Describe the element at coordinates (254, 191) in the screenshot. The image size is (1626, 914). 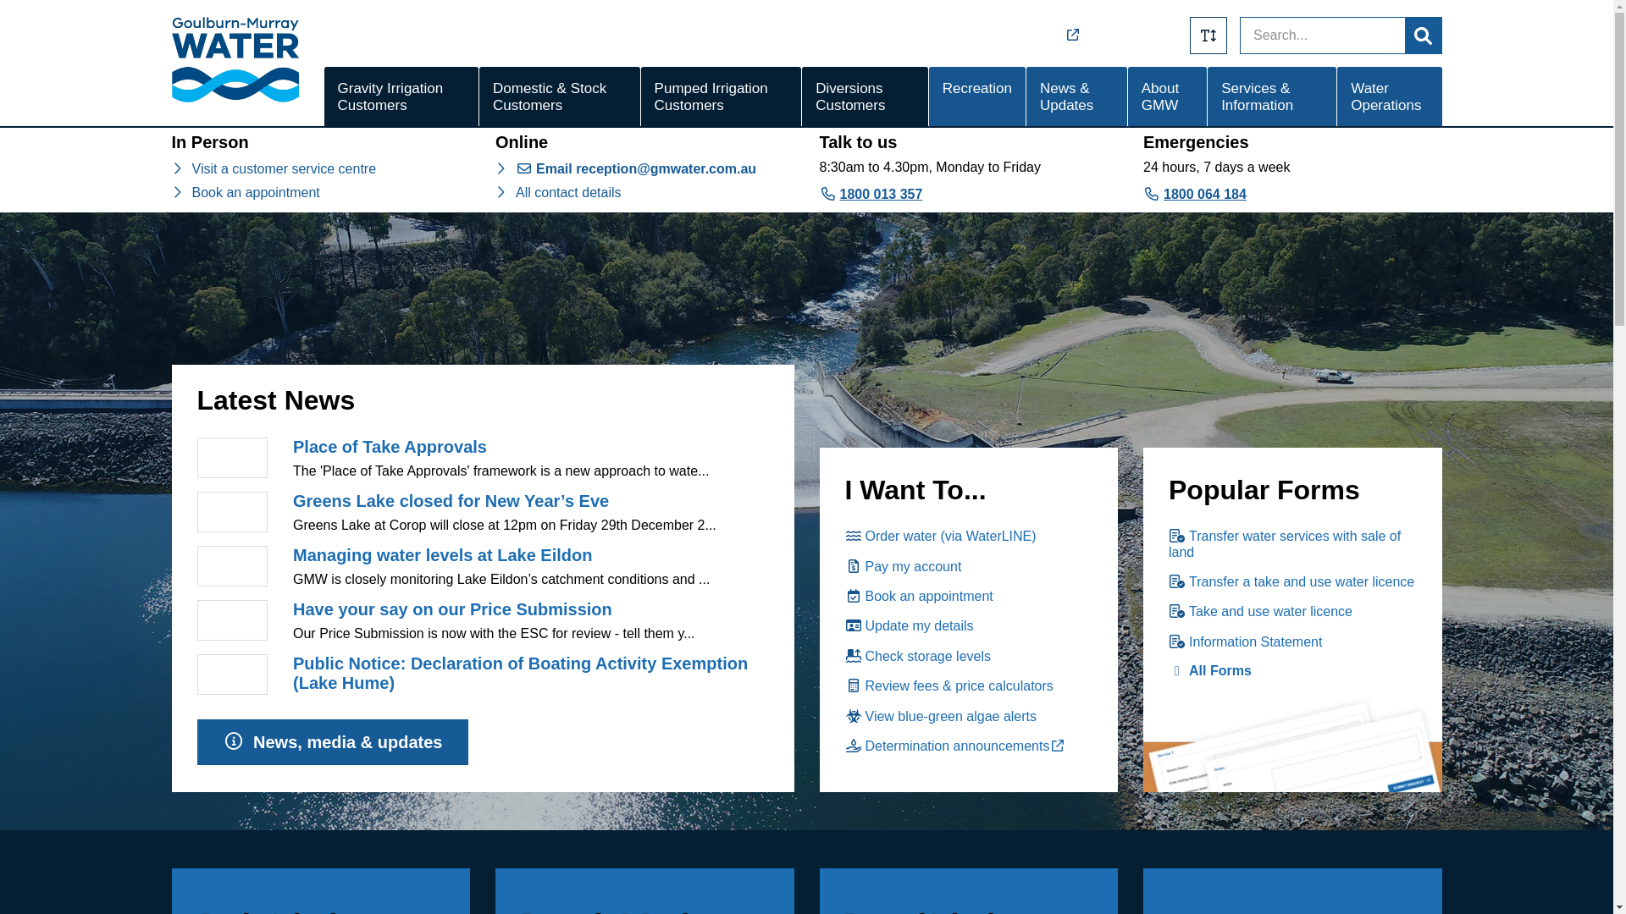
I see `'Book an appointment'` at that location.